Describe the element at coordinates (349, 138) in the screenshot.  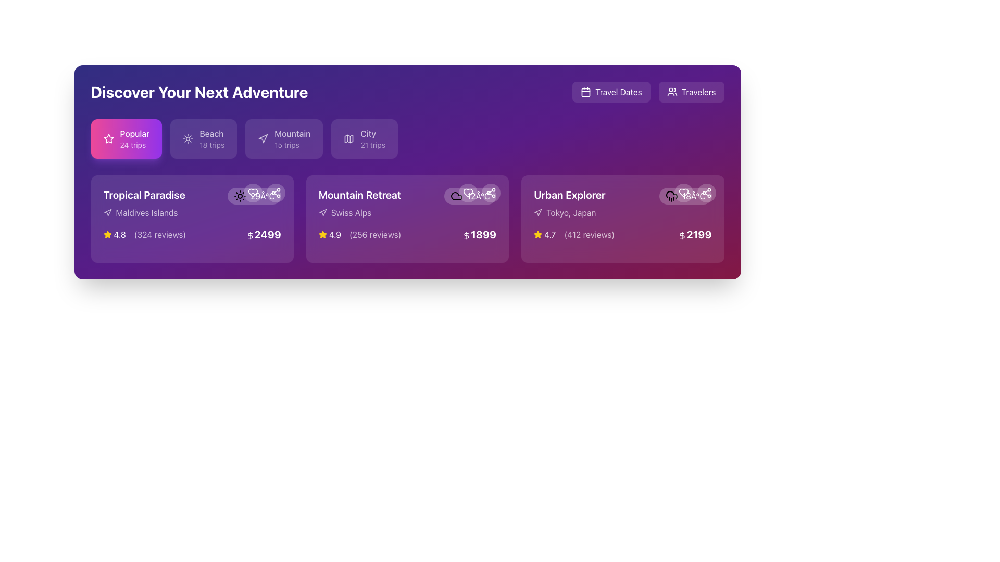
I see `the non-interactive map icon within the 'City 21 trips' button, which is the second icon to the left of the 'City' text` at that location.